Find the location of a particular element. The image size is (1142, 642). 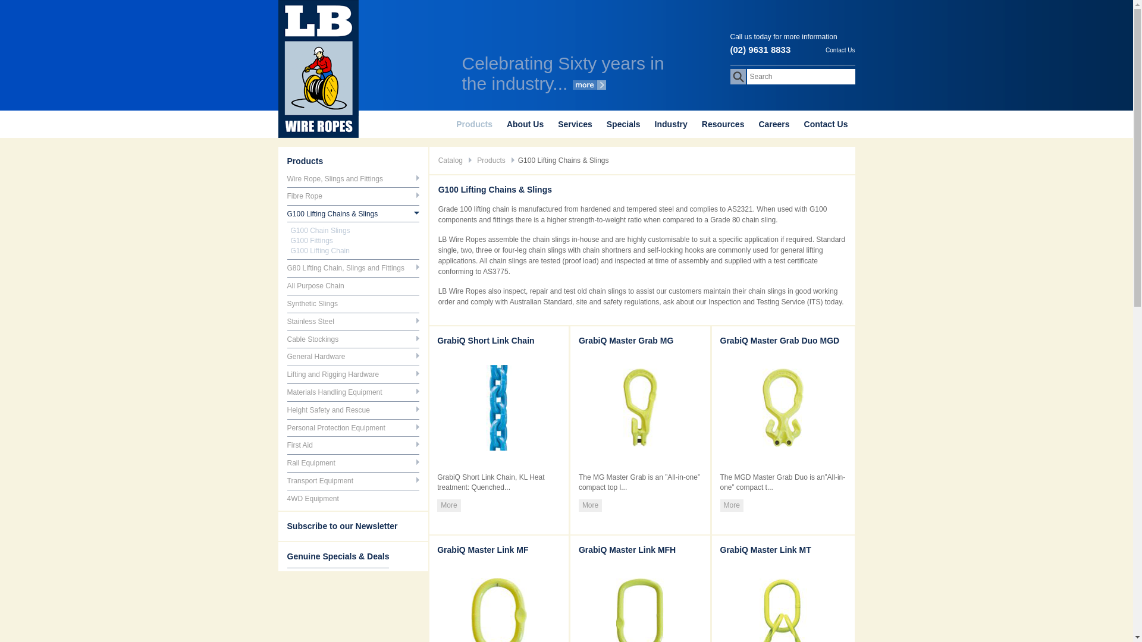

'Products' is located at coordinates (476, 160).